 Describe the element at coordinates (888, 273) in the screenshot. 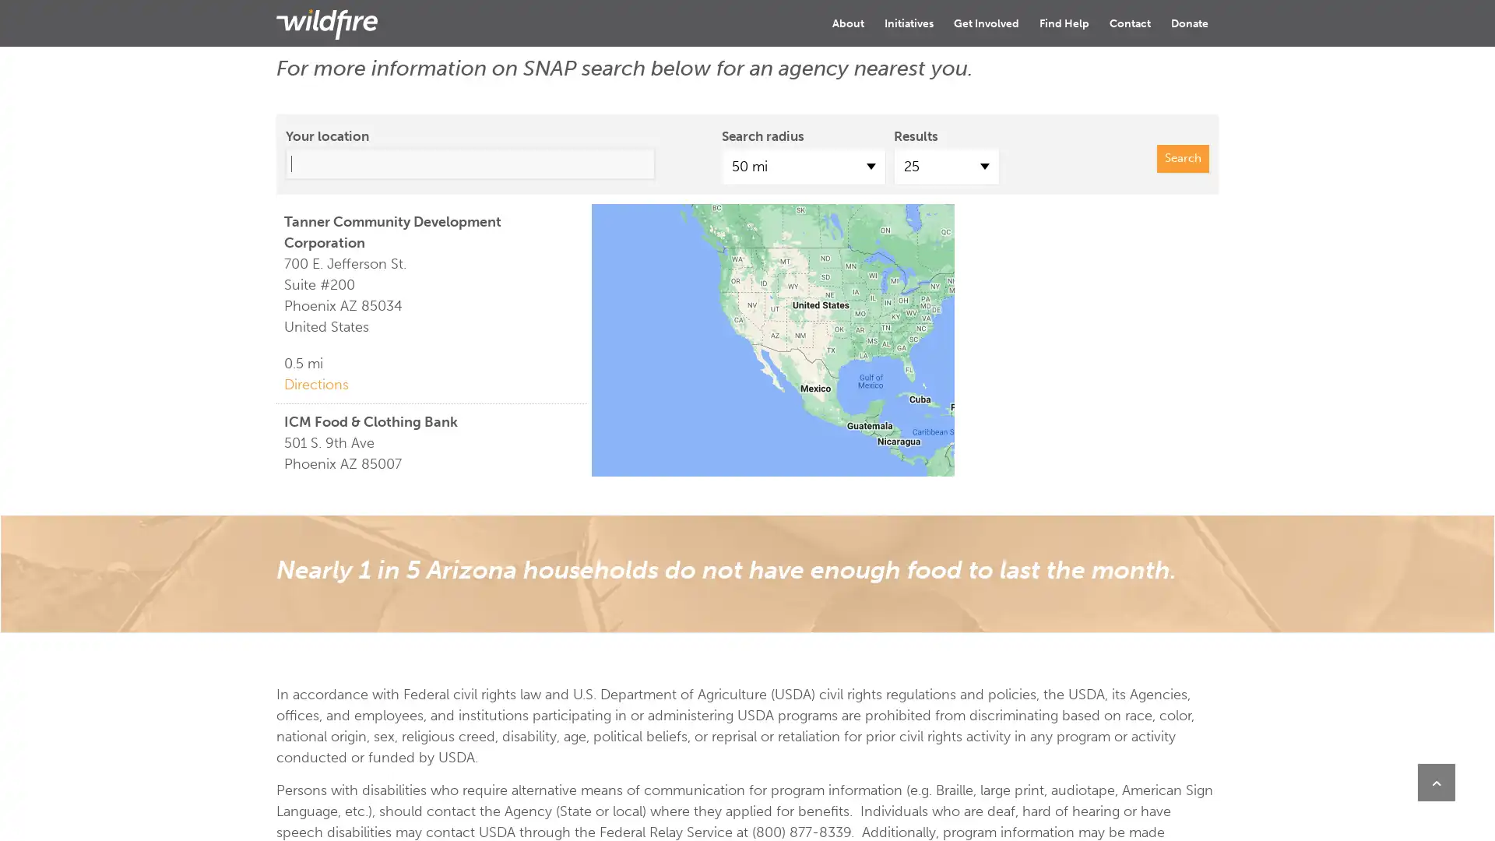

I see `Lutheran Social Services of the Southwest` at that location.